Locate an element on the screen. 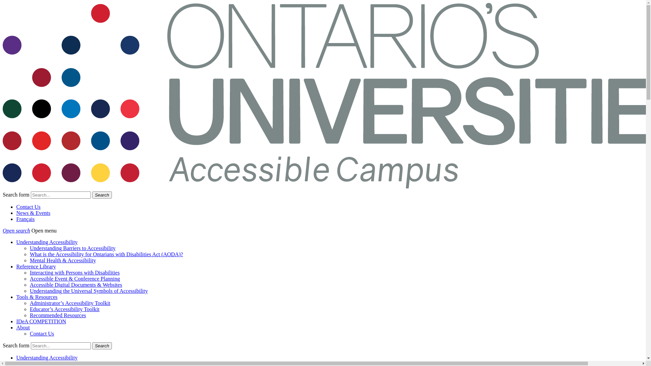 This screenshot has width=651, height=366. 'Understanding Accessibility' is located at coordinates (46, 357).